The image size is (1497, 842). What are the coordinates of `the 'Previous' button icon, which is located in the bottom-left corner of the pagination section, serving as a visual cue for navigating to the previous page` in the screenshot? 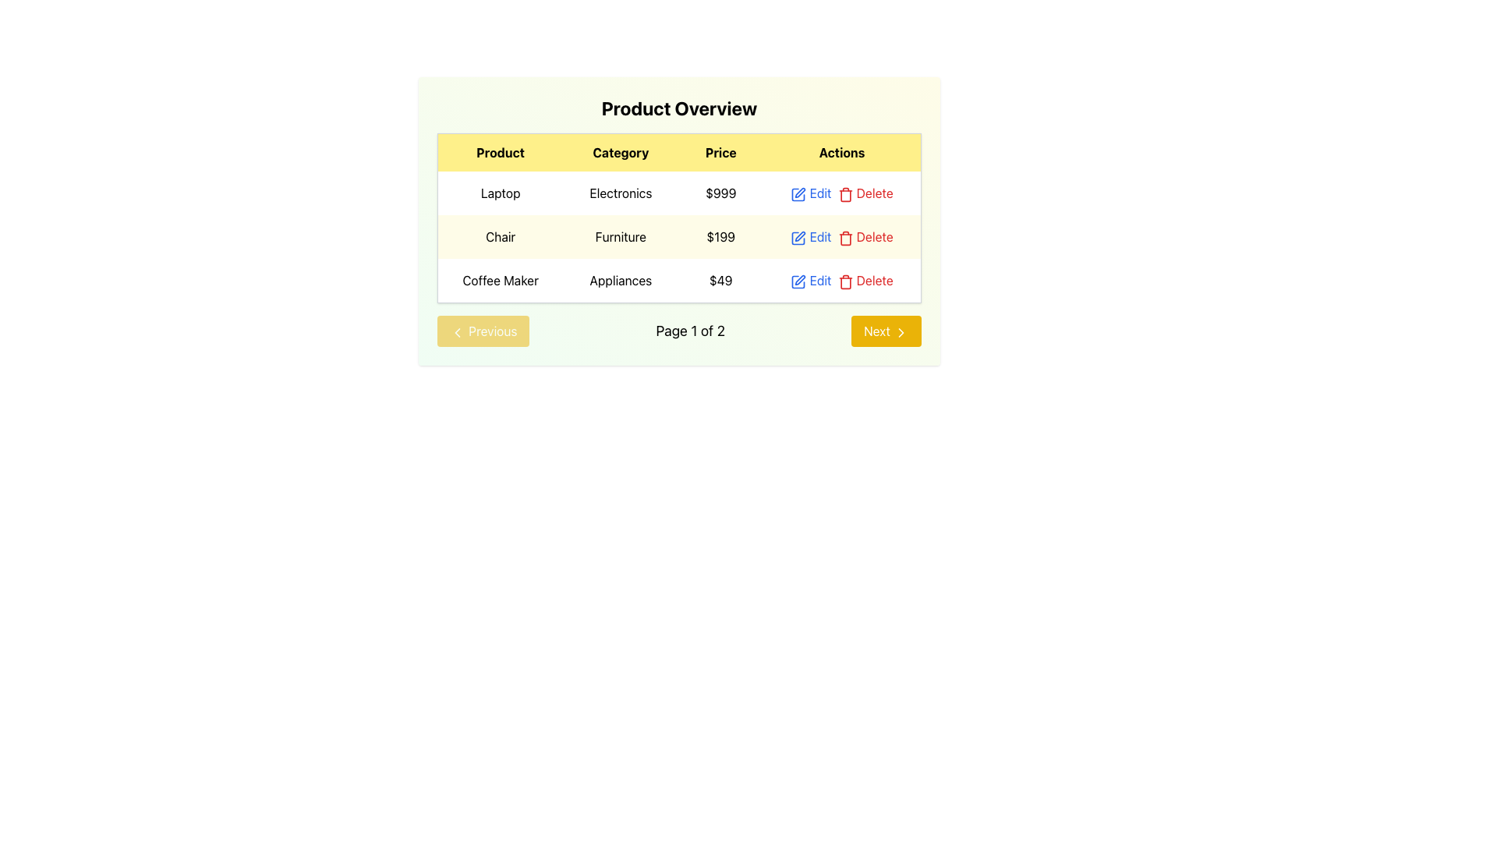 It's located at (456, 331).